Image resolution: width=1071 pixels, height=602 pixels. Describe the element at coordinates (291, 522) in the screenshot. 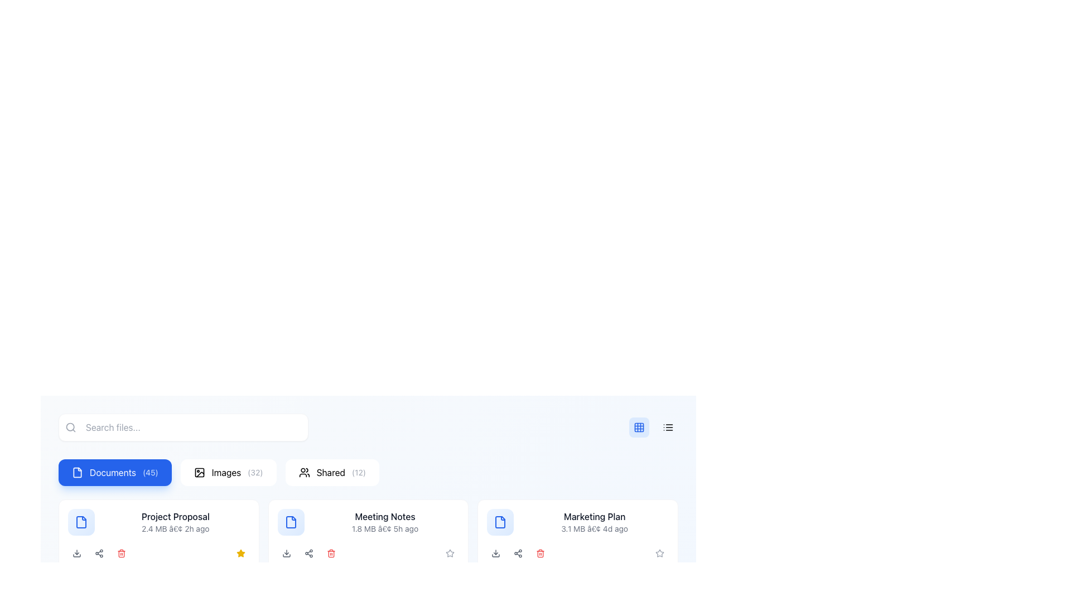

I see `the file icon representing a document located at the center of the second card in a row of file cards to initiate an action related to the document` at that location.